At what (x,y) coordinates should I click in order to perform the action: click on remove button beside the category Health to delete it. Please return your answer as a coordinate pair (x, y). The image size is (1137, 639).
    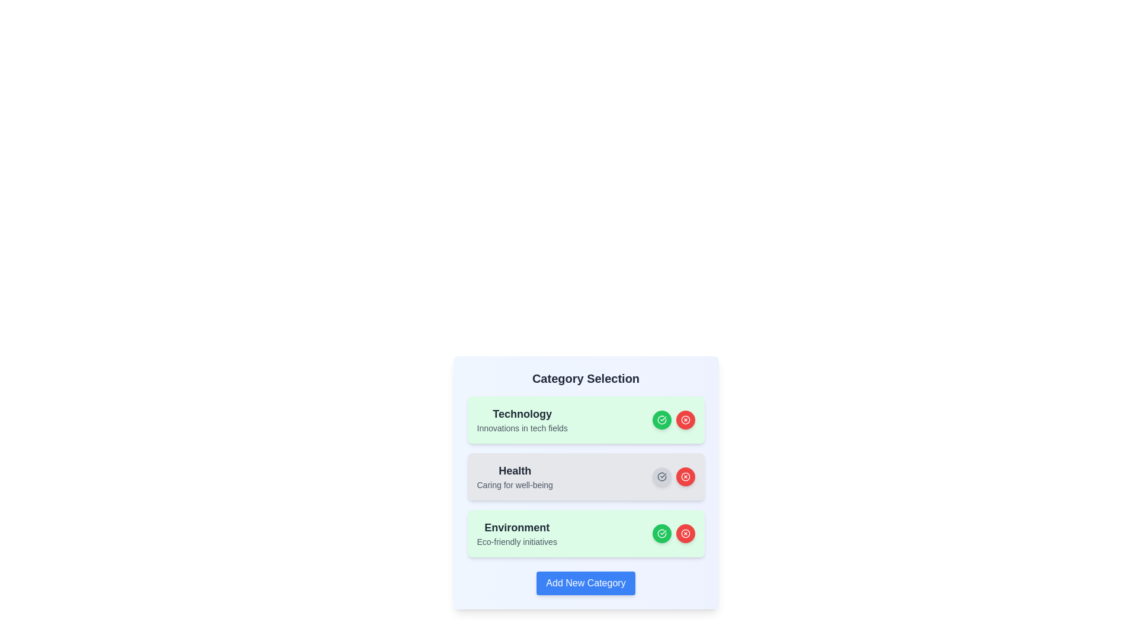
    Looking at the image, I should click on (685, 476).